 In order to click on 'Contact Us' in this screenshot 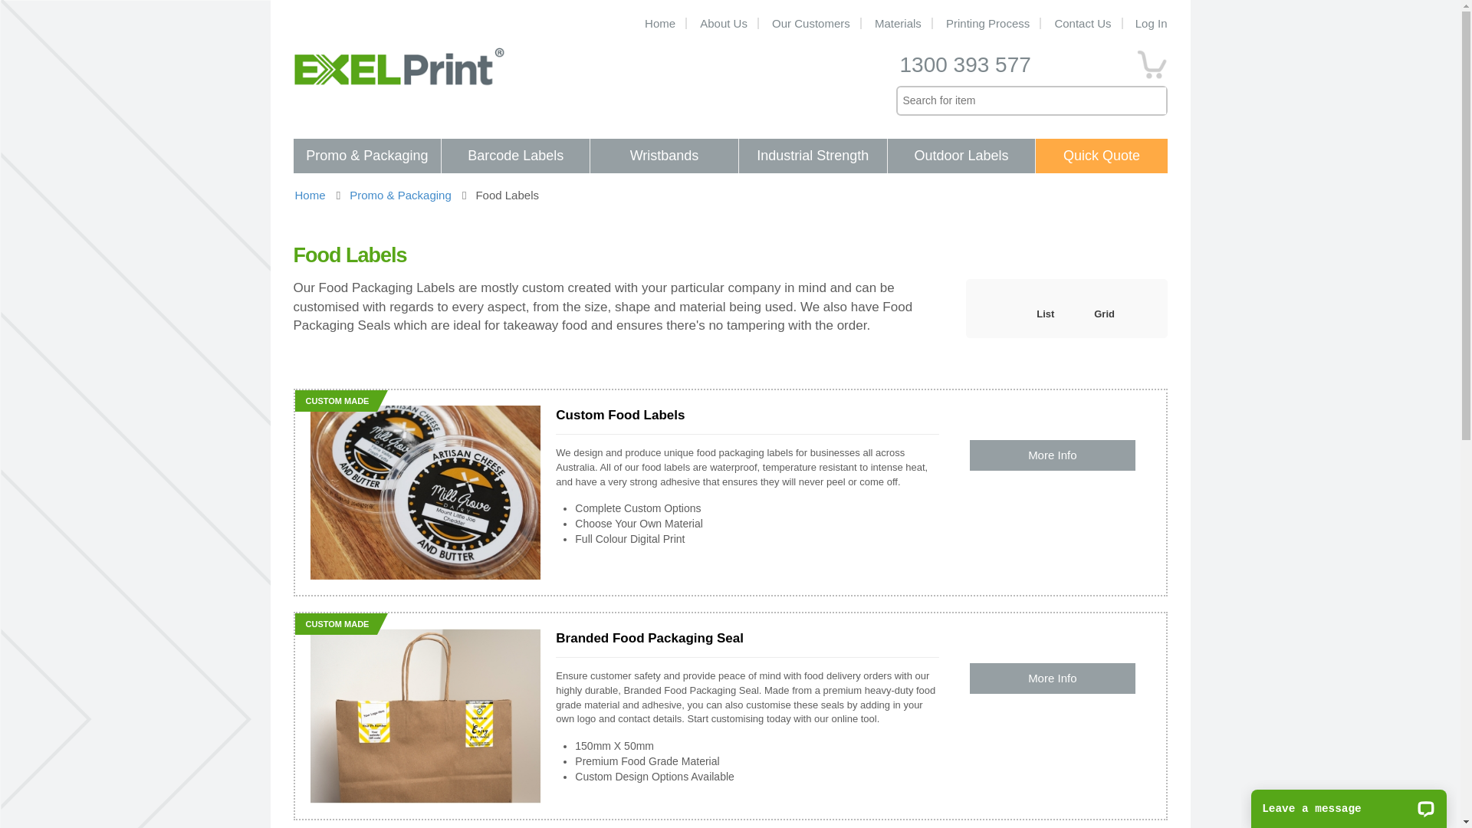, I will do `click(1082, 23)`.